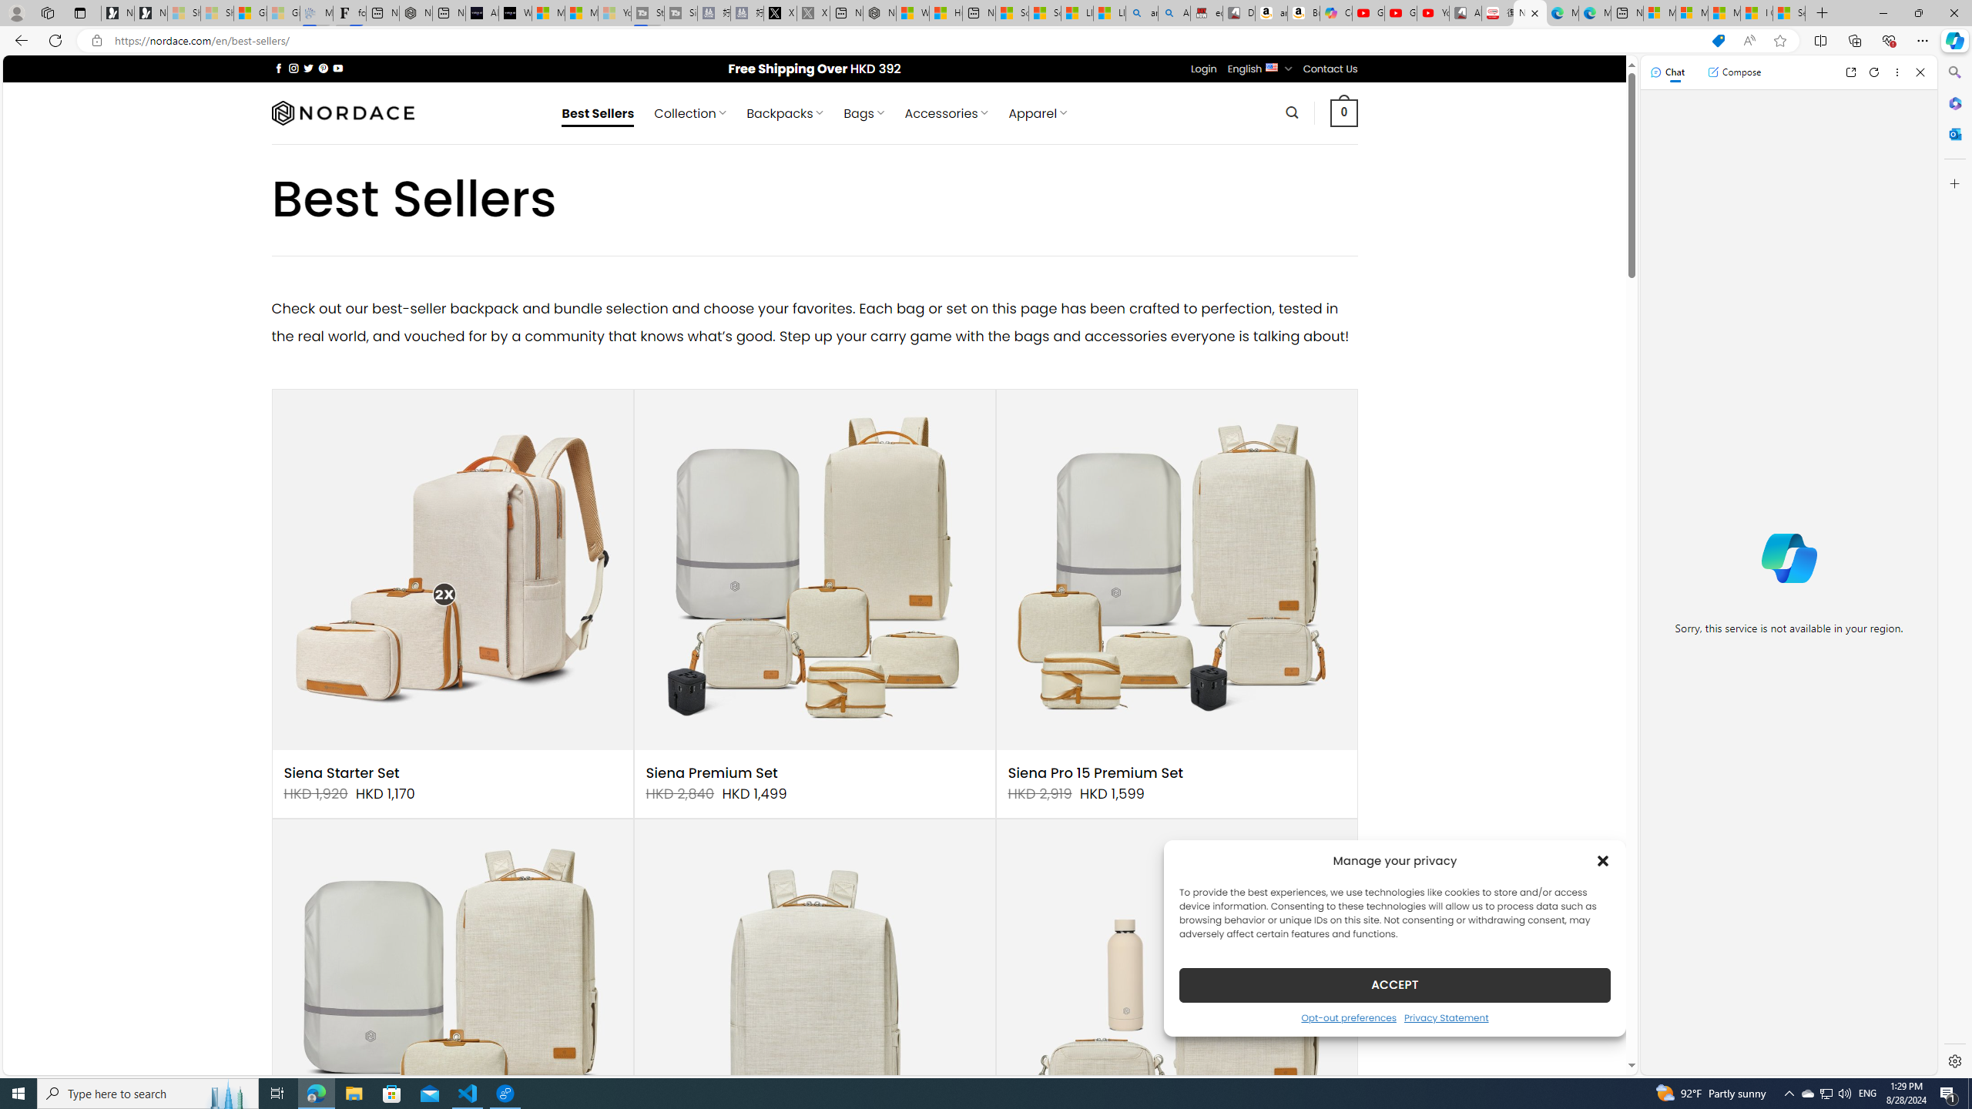 The image size is (1972, 1109). Describe the element at coordinates (879, 12) in the screenshot. I see `'Nordace - My Account'` at that location.